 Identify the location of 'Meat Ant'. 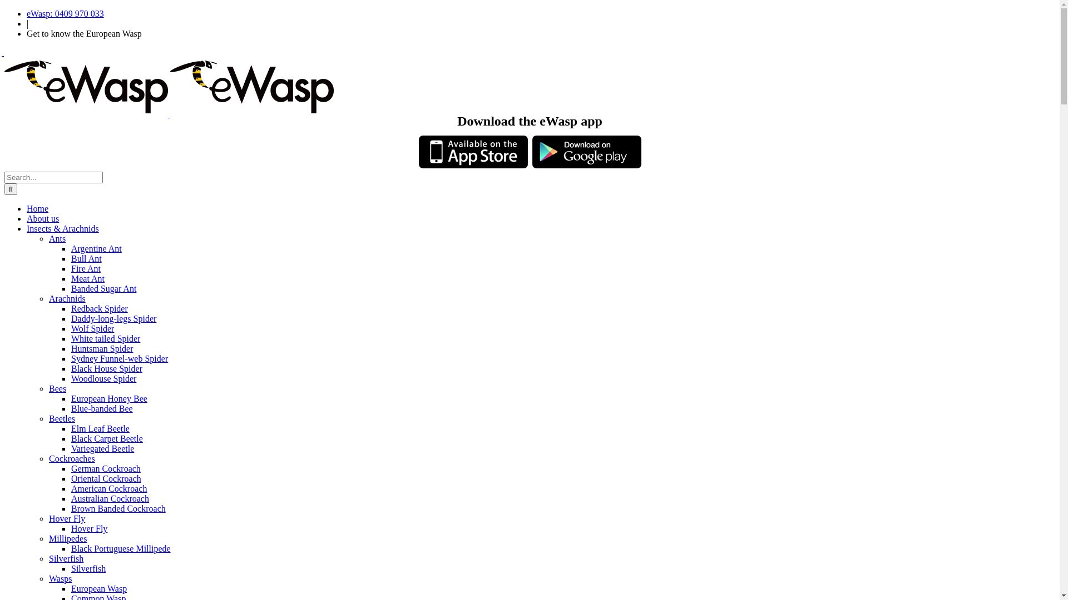
(71, 278).